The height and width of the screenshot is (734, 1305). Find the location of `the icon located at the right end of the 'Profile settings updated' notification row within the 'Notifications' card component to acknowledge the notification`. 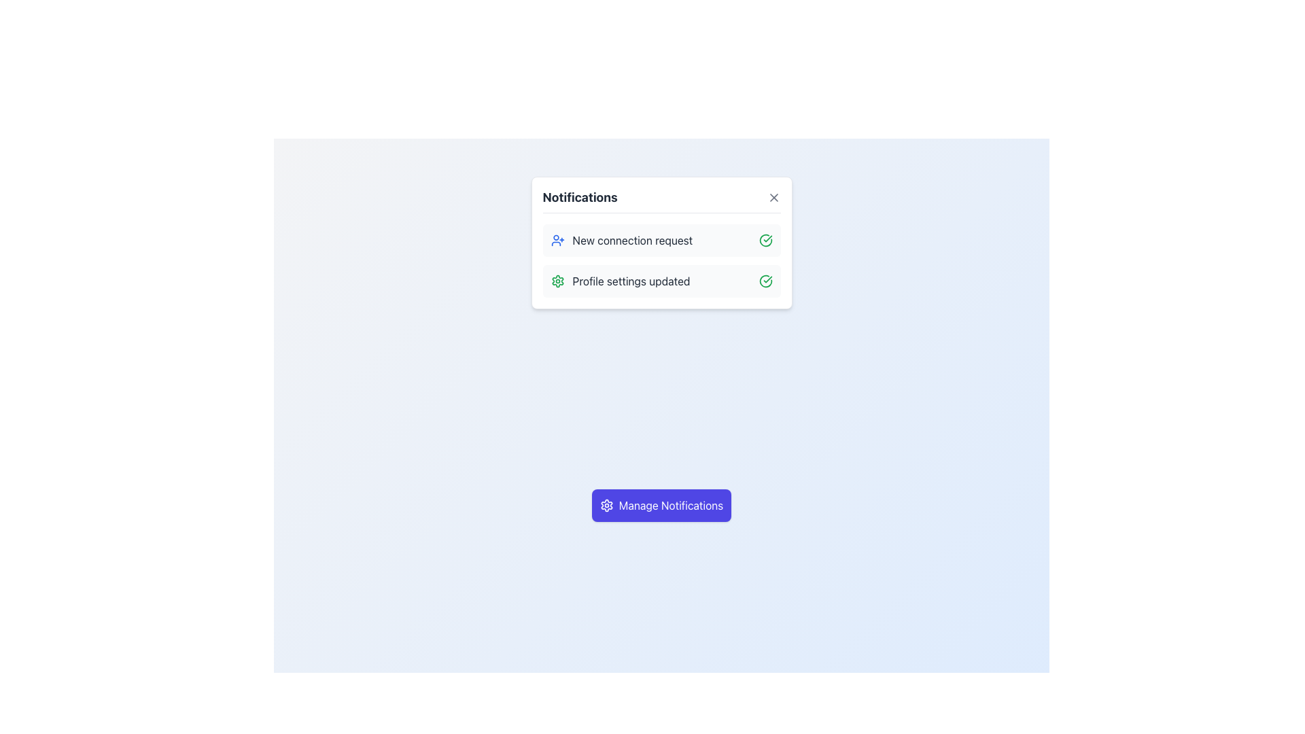

the icon located at the right end of the 'Profile settings updated' notification row within the 'Notifications' card component to acknowledge the notification is located at coordinates (765, 280).